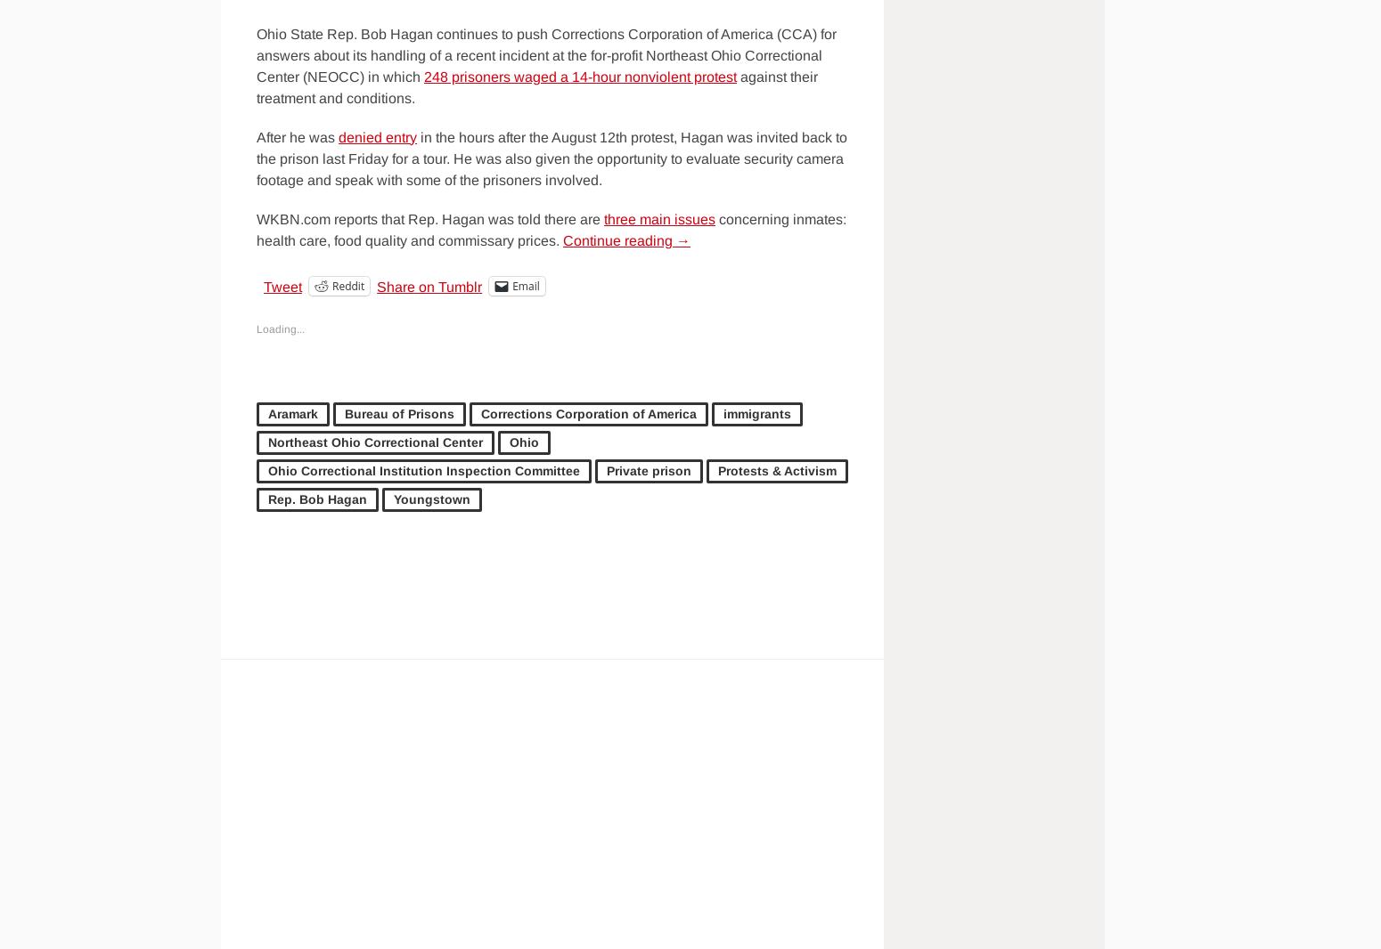 The image size is (1381, 949). I want to click on 'Ohio Correctional Institution Inspection Committee', so click(423, 469).